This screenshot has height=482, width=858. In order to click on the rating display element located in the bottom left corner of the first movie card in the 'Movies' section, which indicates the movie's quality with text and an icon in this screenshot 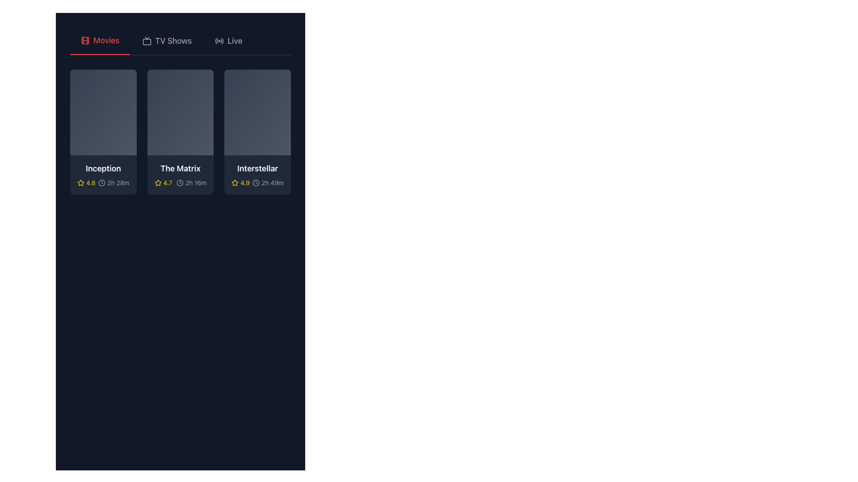, I will do `click(86, 182)`.